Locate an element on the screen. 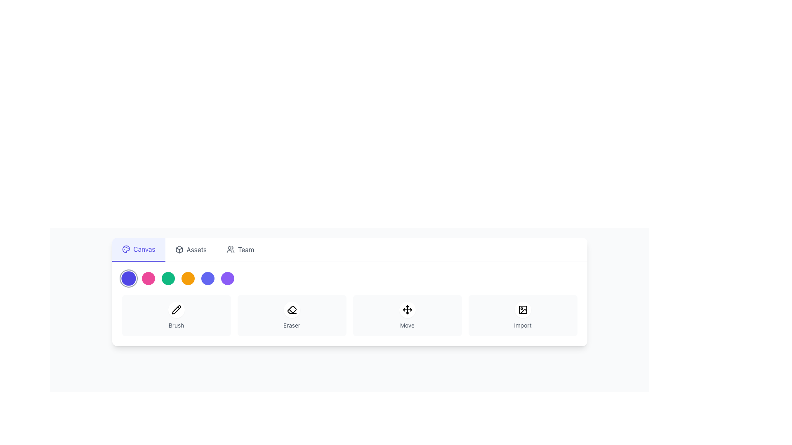 Image resolution: width=792 pixels, height=445 pixels. the circular white icon button with a black pencil symbol, which is the first interactive icon in the toolbar above the label 'Brush' is located at coordinates (176, 310).